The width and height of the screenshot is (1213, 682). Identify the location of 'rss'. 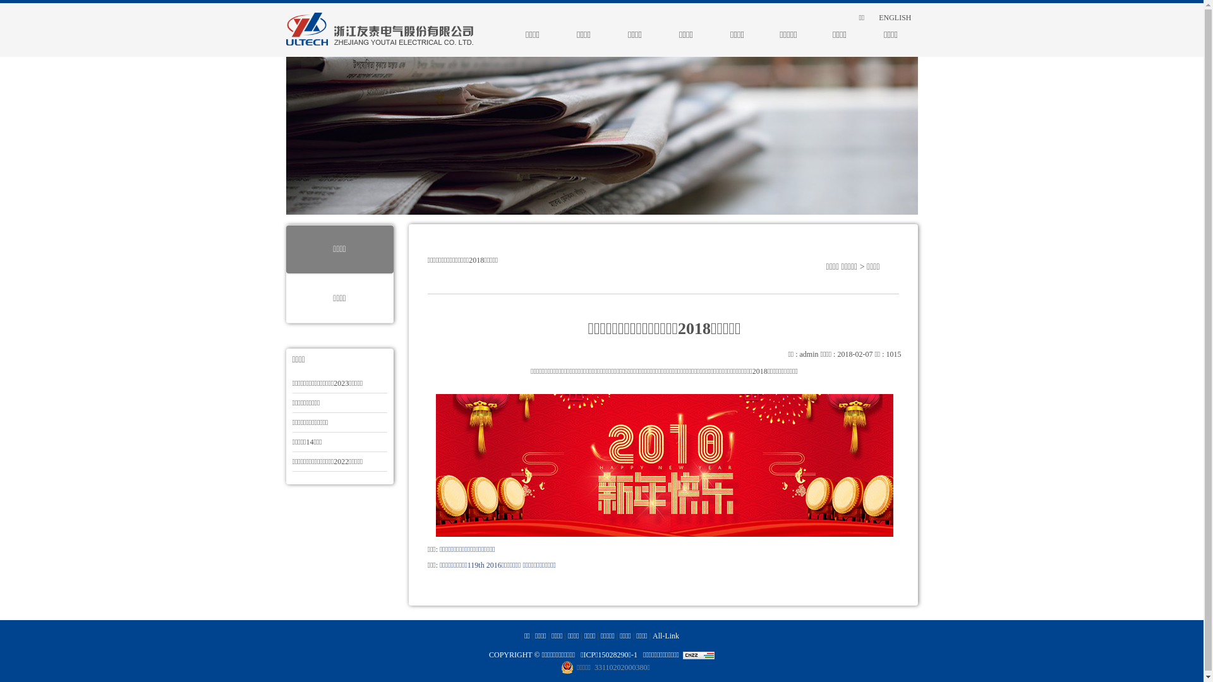
(840, 17).